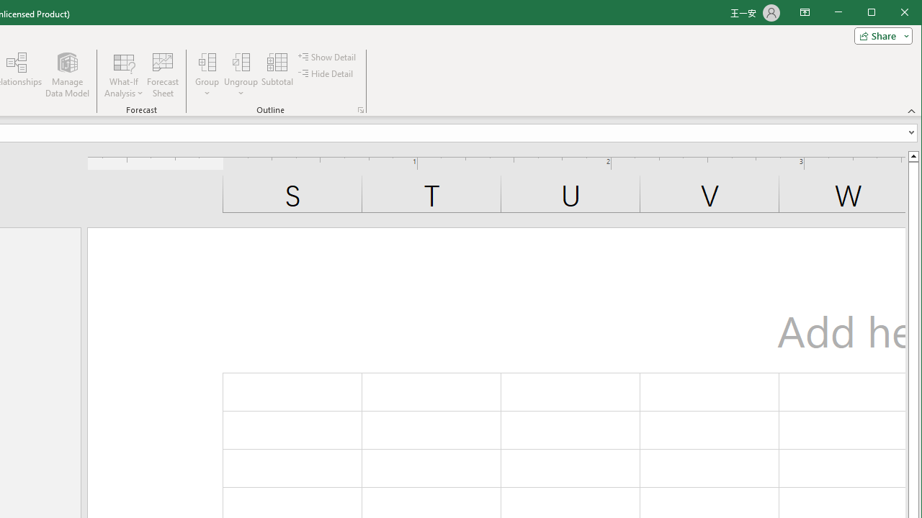 The image size is (922, 518). I want to click on 'Show Detail', so click(327, 56).